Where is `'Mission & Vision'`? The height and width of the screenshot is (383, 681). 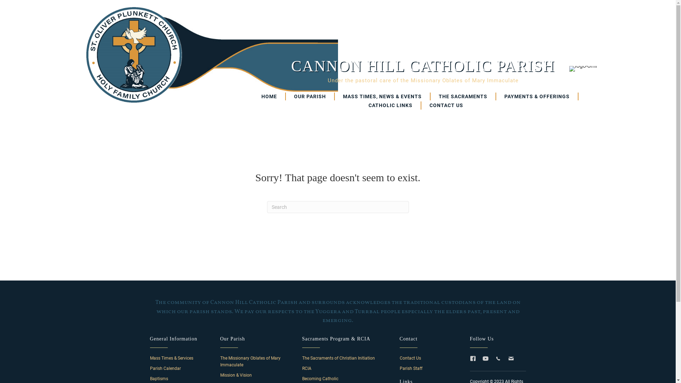
'Mission & Vision' is located at coordinates (236, 374).